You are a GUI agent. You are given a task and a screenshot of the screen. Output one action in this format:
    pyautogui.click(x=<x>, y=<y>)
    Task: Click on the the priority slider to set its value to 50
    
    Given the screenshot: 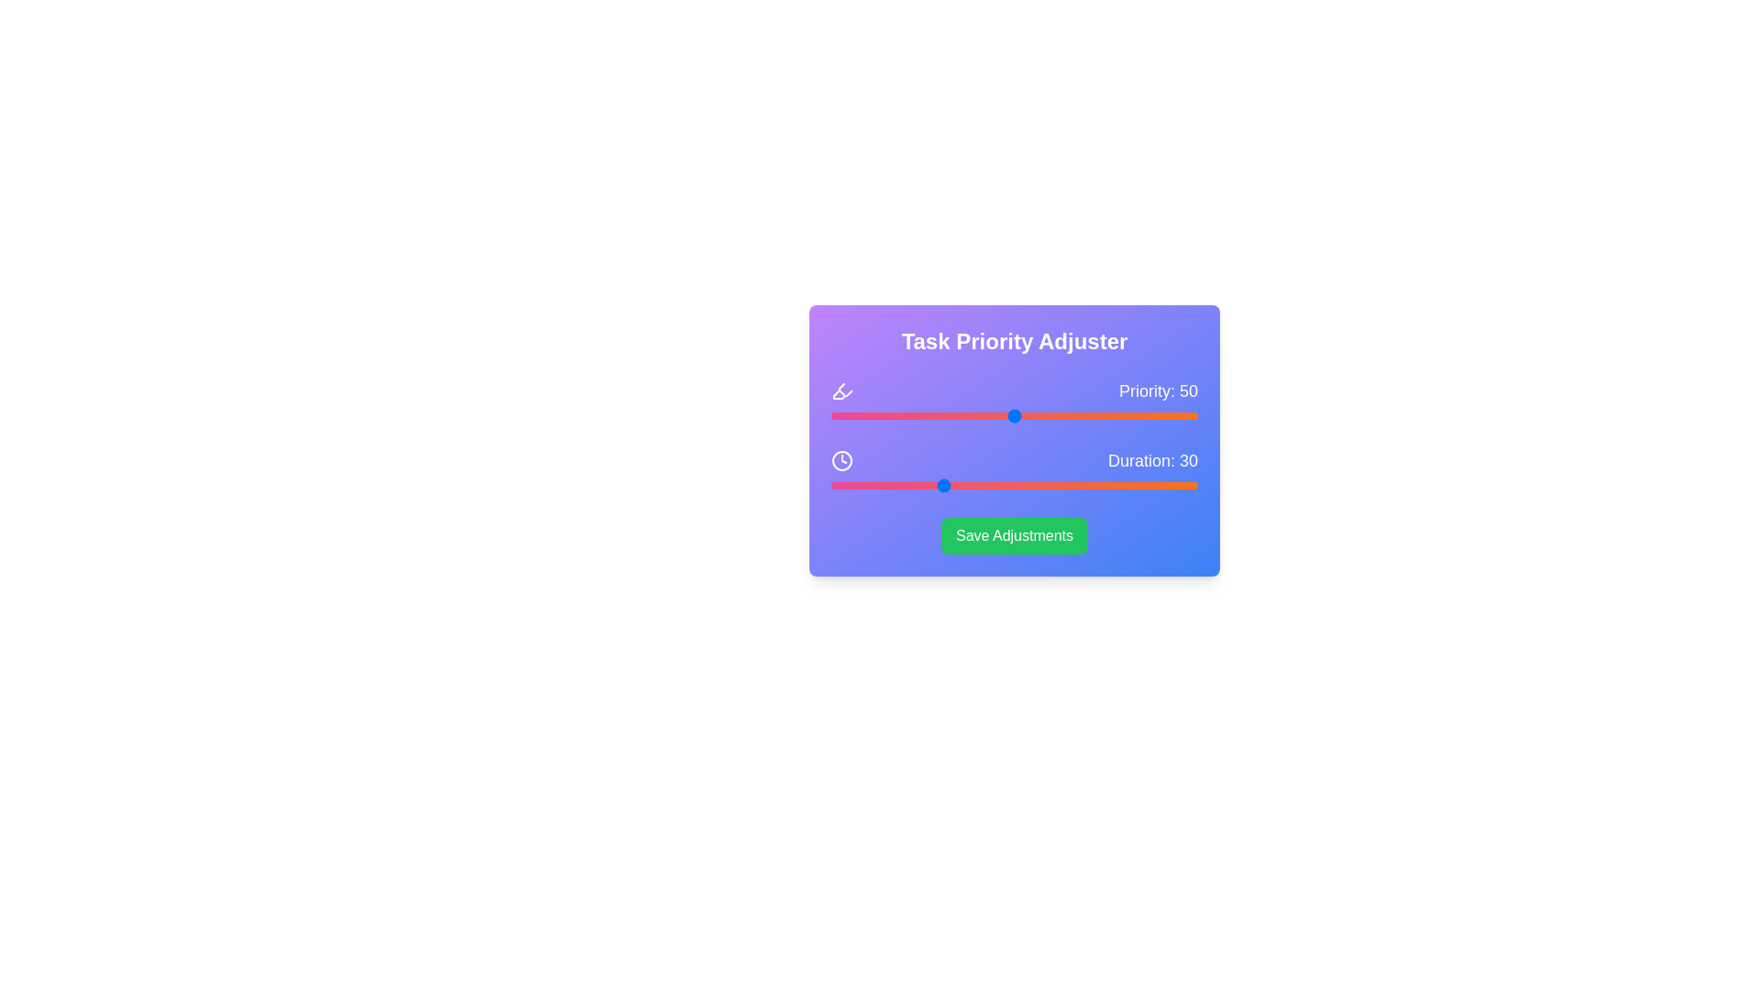 What is the action you would take?
    pyautogui.click(x=1014, y=416)
    